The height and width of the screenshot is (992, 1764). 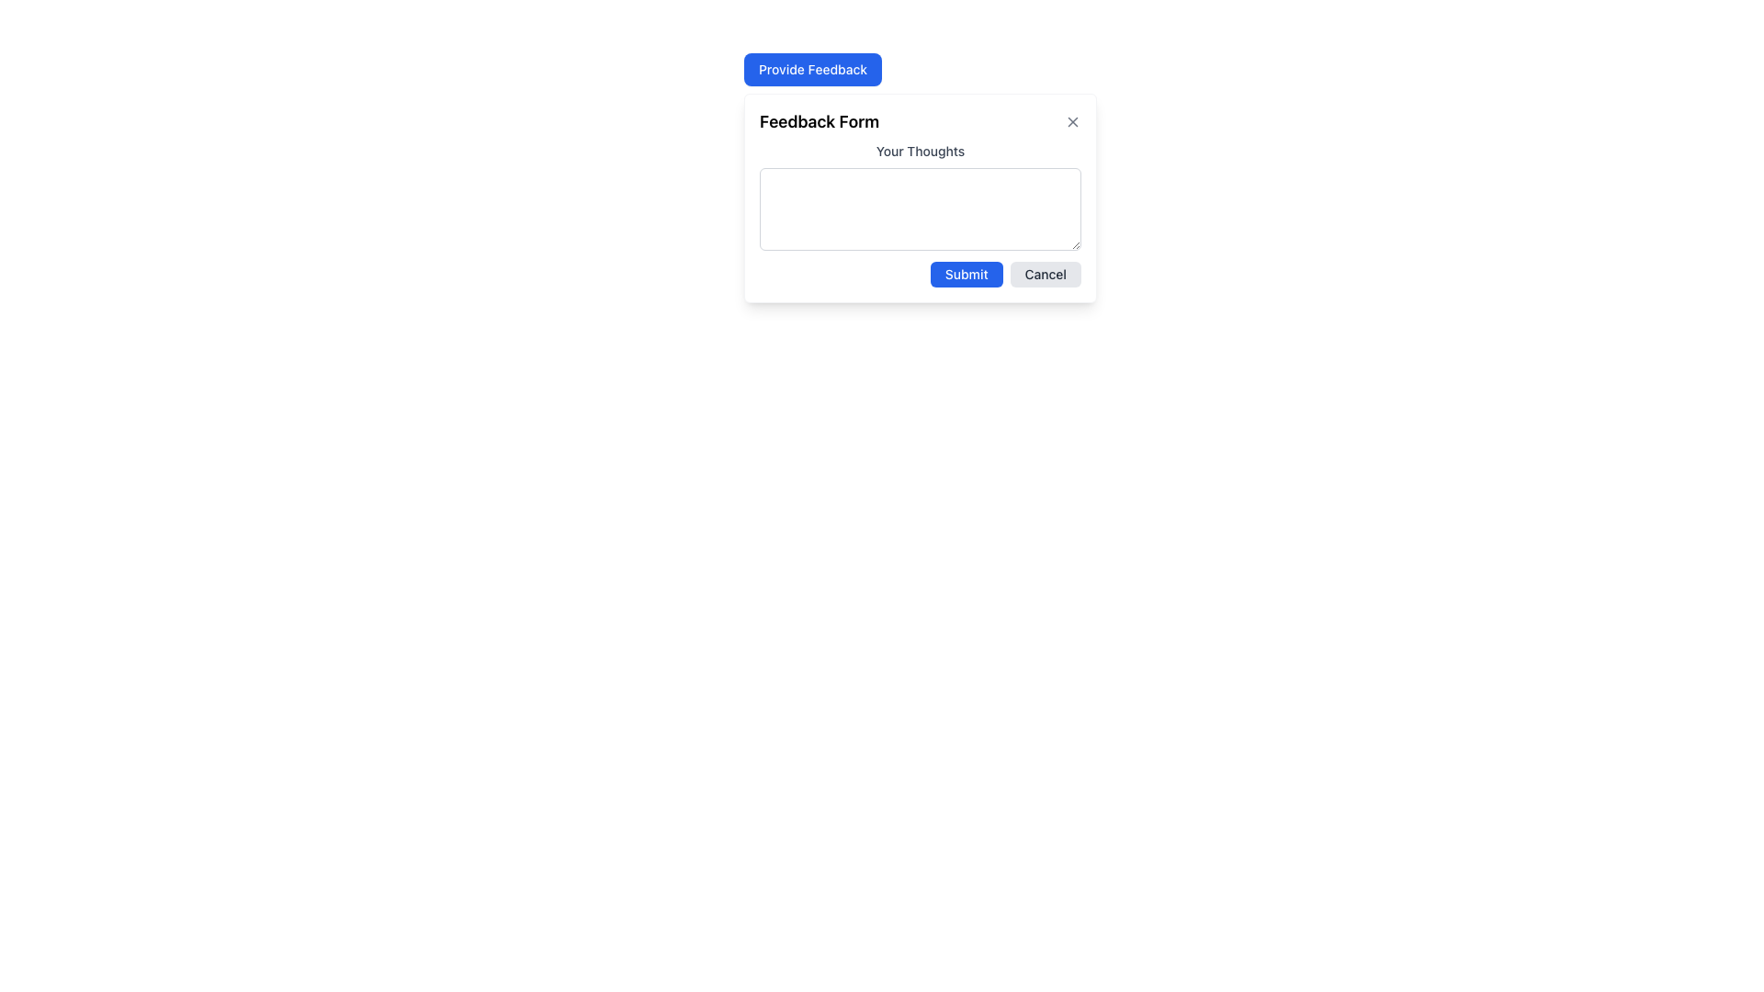 What do you see at coordinates (1072, 121) in the screenshot?
I see `the 'X' shaped close icon in the upper right corner of the 'Feedback Form' modal` at bounding box center [1072, 121].